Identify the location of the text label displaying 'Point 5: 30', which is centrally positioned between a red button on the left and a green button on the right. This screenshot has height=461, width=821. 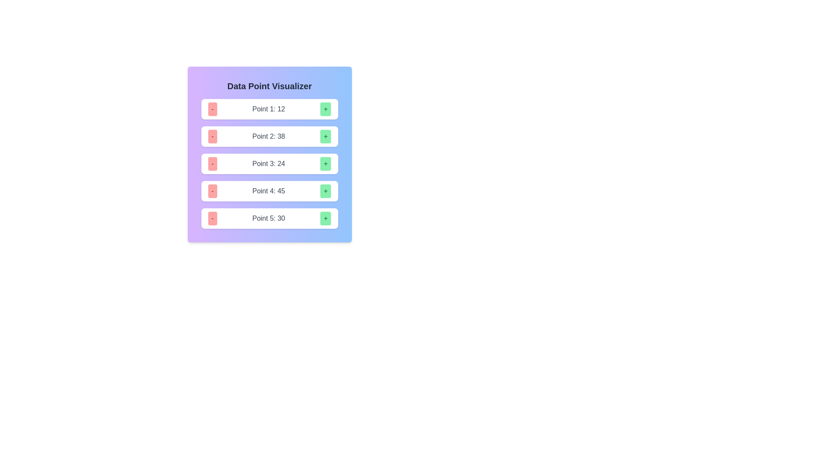
(268, 218).